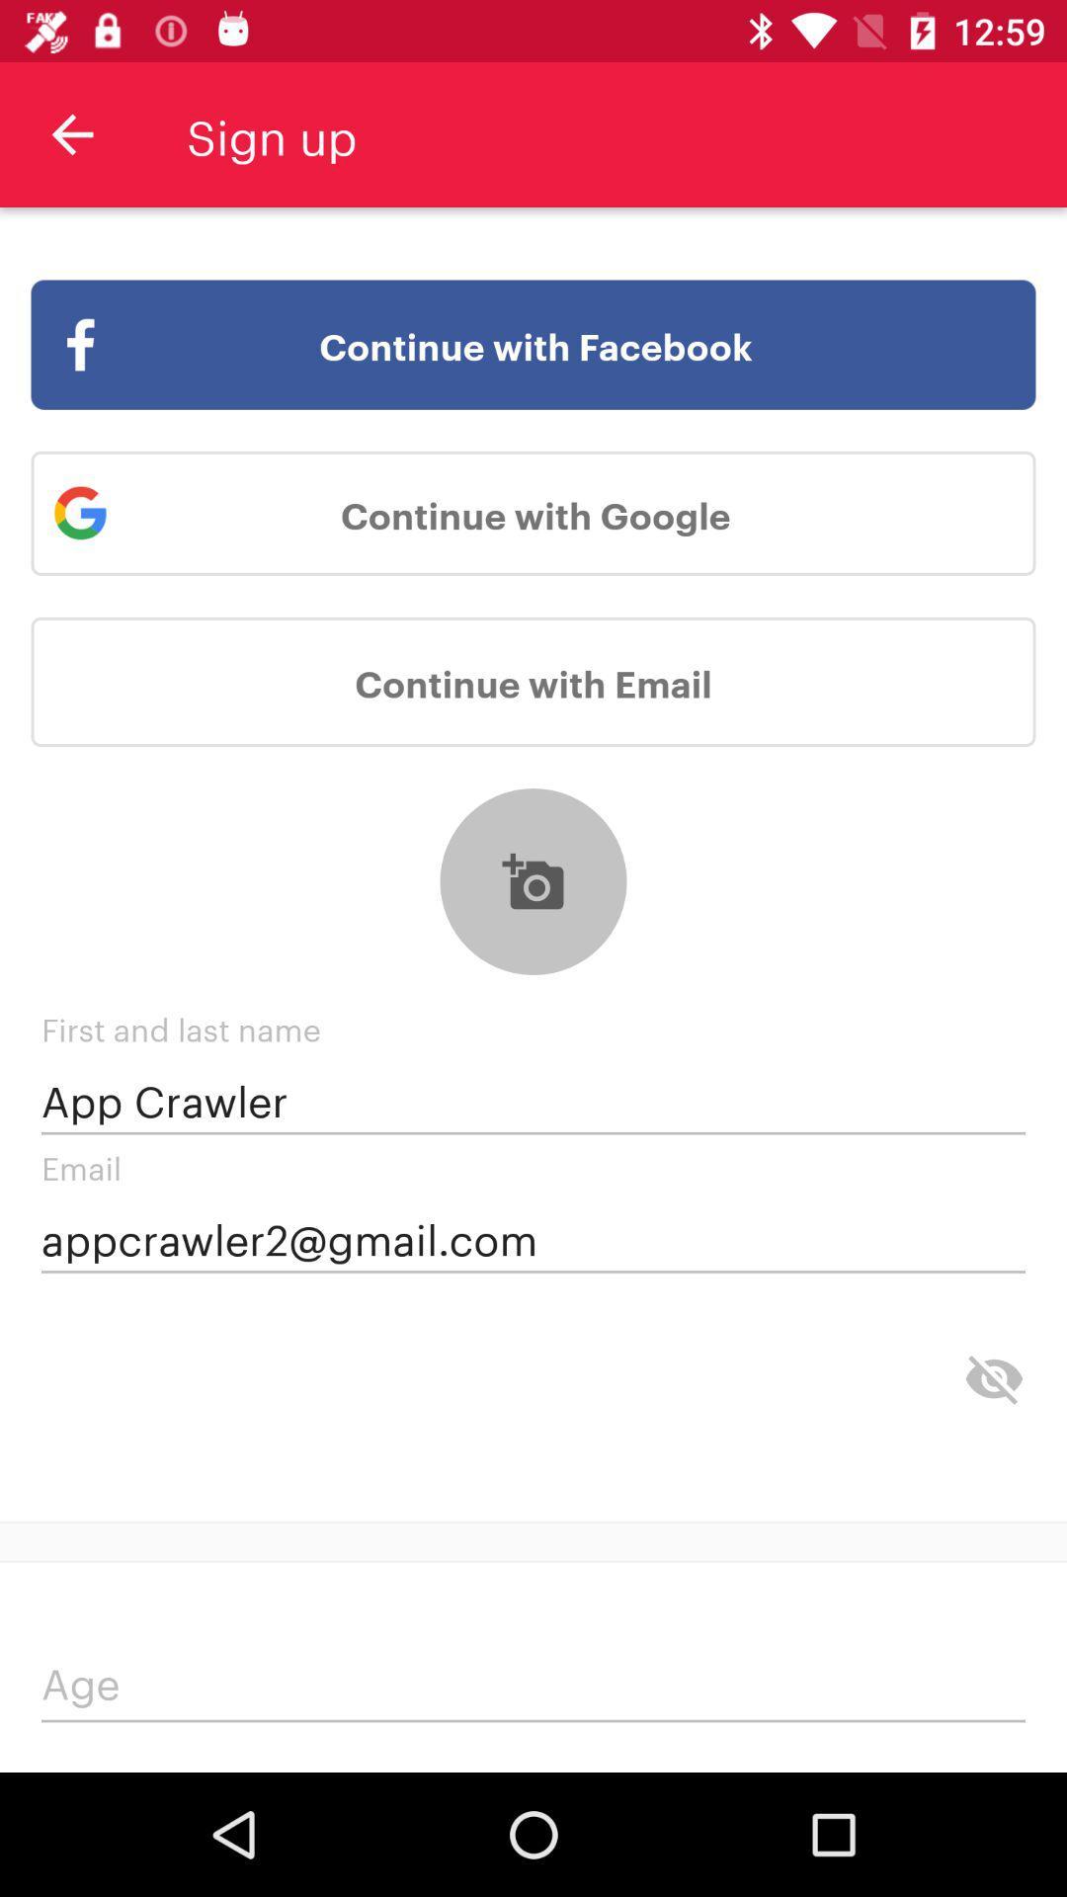 This screenshot has height=1897, width=1067. I want to click on your age, so click(533, 1687).